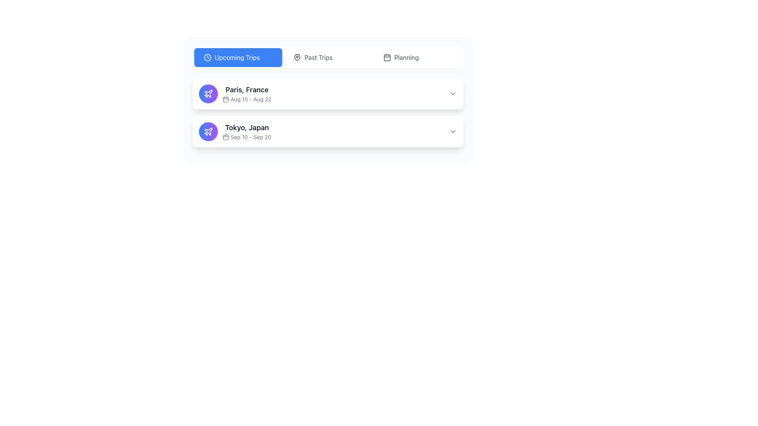  What do you see at coordinates (208, 131) in the screenshot?
I see `the interactivity of the 'Paris, France' trip icon, which is located at the leftmost section of the first list item under the 'Upcoming Trips' section, characterized by its circular gradient background and proximity to the destination text` at bounding box center [208, 131].